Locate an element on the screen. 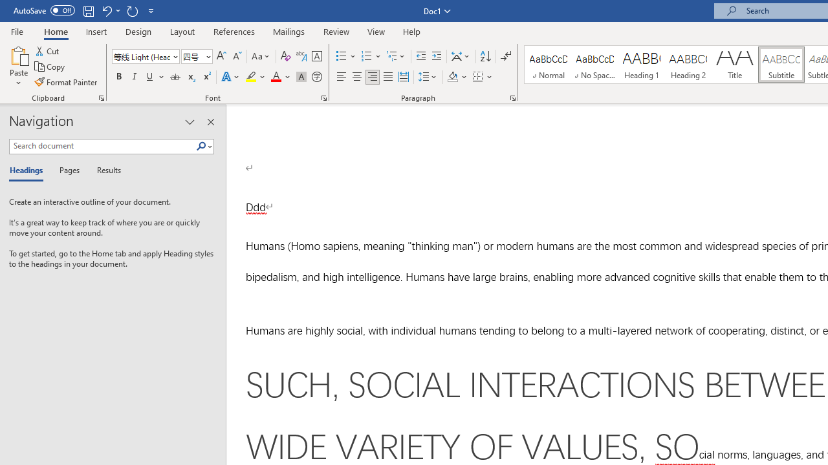  'Text Highlight Color Yellow' is located at coordinates (251, 77).